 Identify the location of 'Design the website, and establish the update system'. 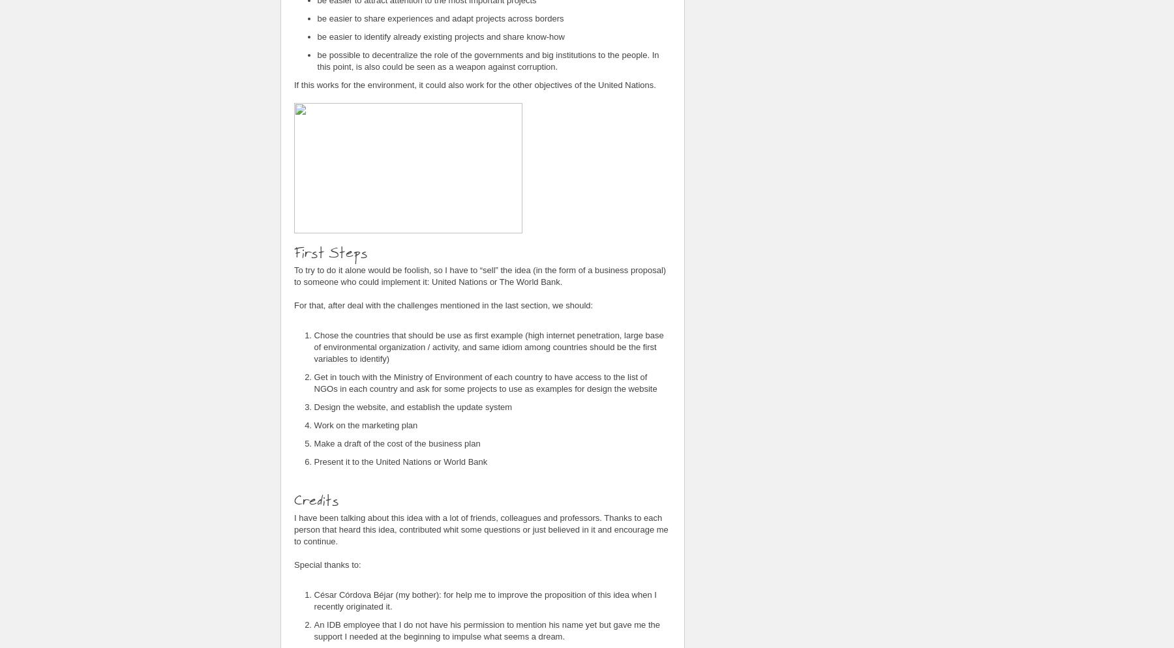
(413, 405).